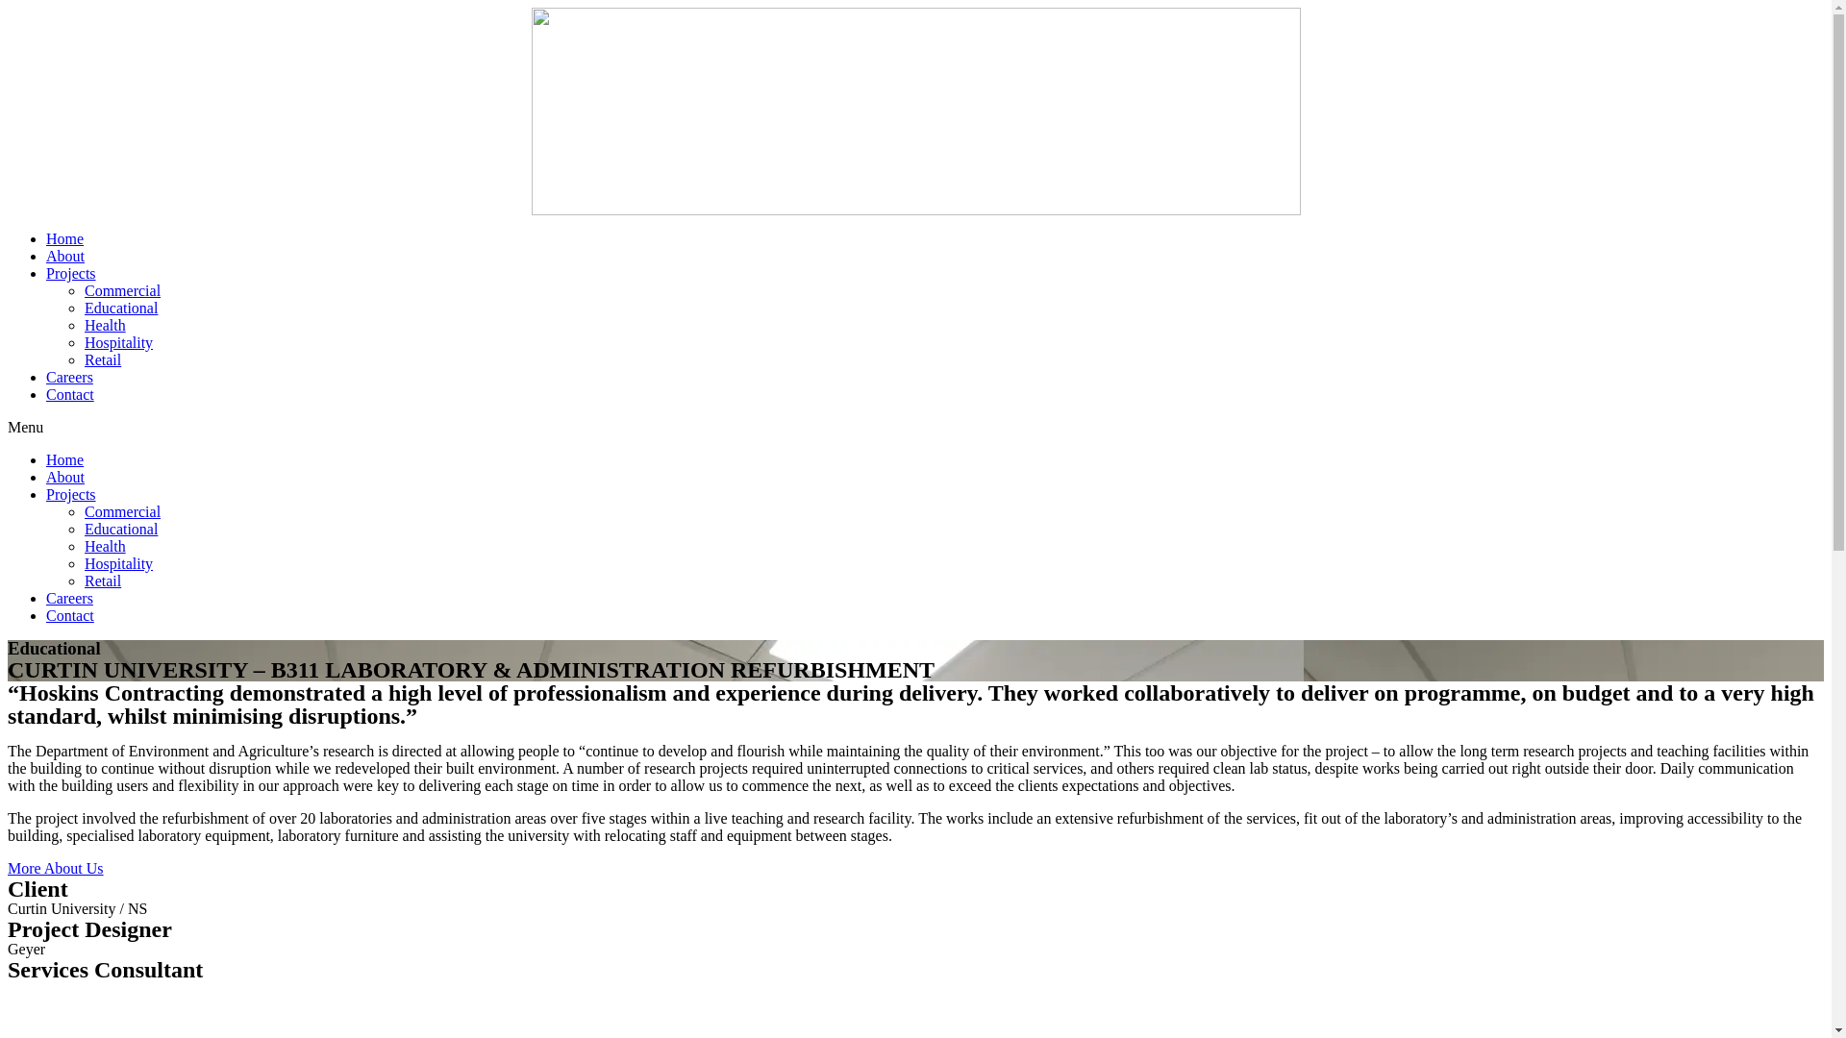 This screenshot has width=1846, height=1038. Describe the element at coordinates (117, 562) in the screenshot. I see `'Hospitality'` at that location.